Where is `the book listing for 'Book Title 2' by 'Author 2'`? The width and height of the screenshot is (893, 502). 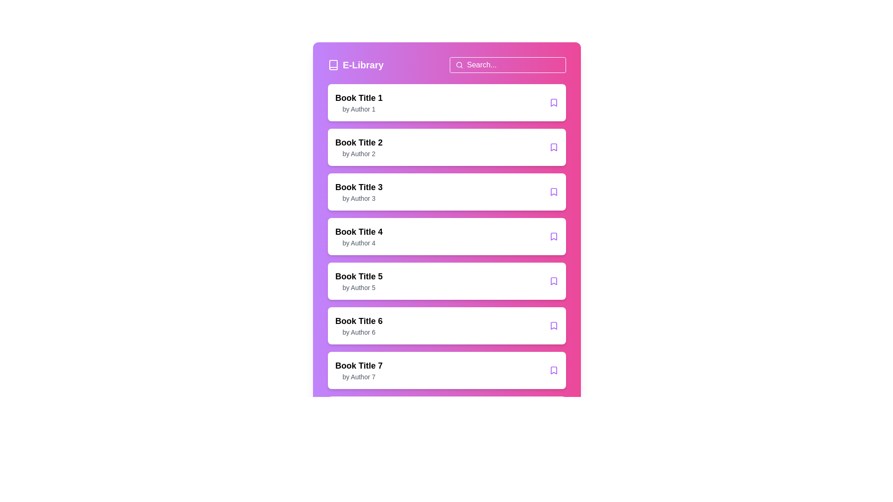
the book listing for 'Book Title 2' by 'Author 2' is located at coordinates (446, 146).